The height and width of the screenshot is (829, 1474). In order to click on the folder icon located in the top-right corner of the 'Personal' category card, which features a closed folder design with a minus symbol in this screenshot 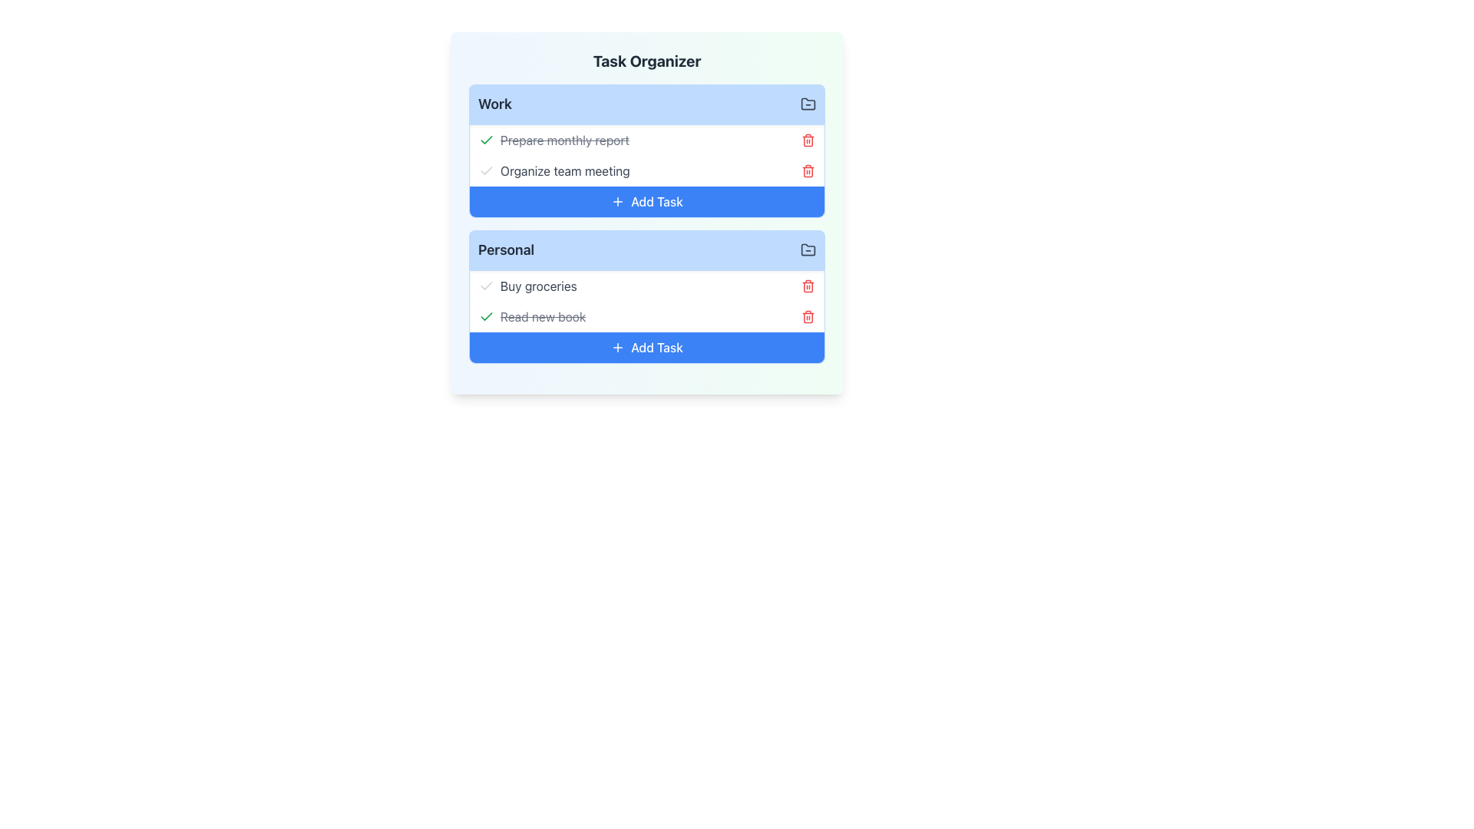, I will do `click(807, 248)`.